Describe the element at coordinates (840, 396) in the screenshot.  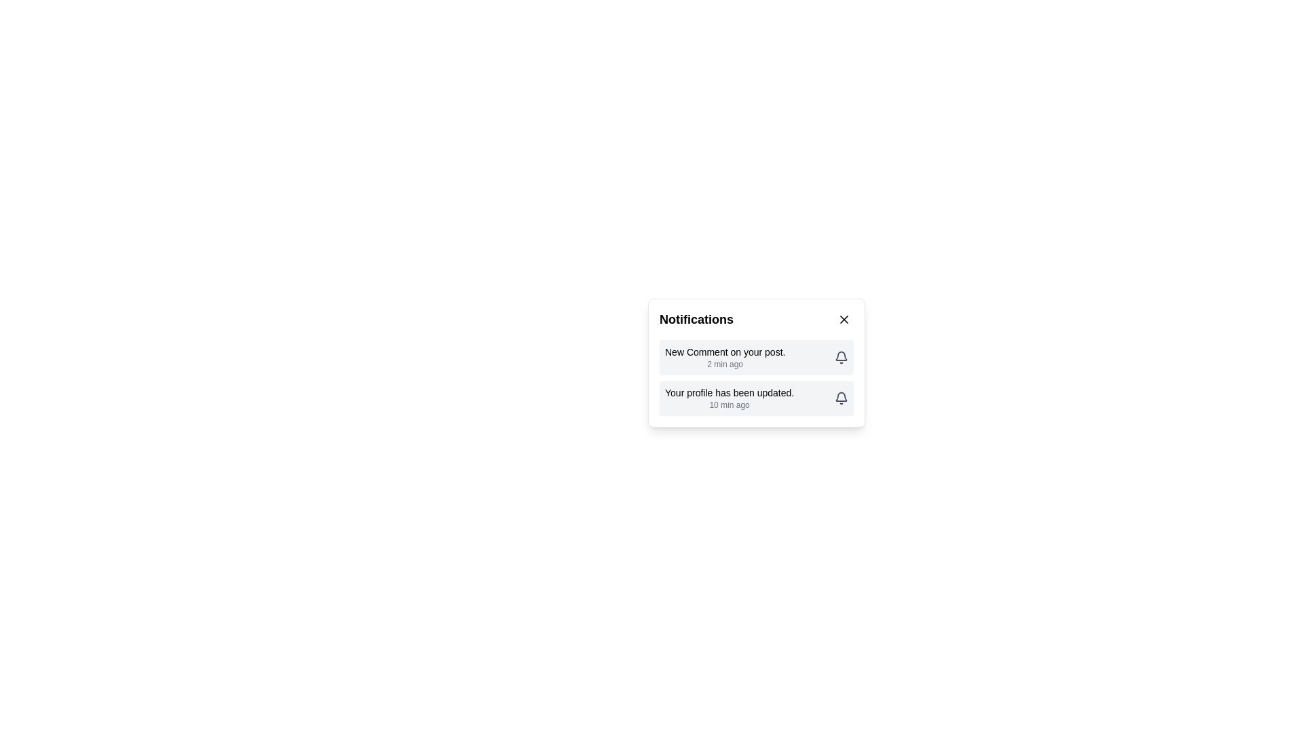
I see `bell-shaped icon located in the bottom-right of the notification panel, which features a thin gray outline` at that location.